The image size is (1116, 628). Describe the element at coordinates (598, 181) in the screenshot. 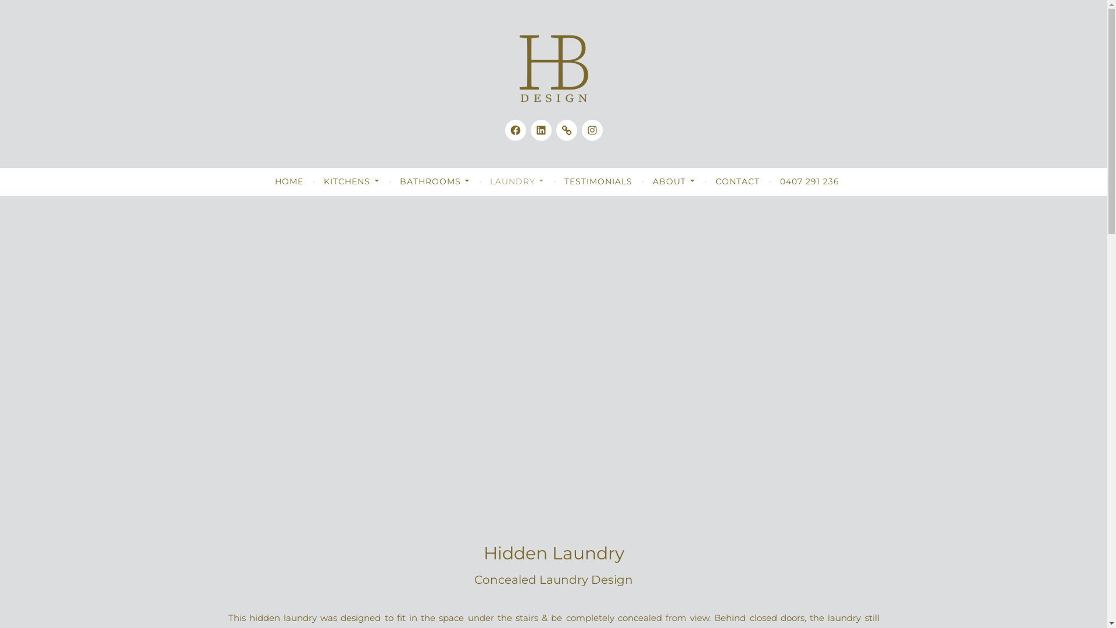

I see `'TESTIMONIALS'` at that location.